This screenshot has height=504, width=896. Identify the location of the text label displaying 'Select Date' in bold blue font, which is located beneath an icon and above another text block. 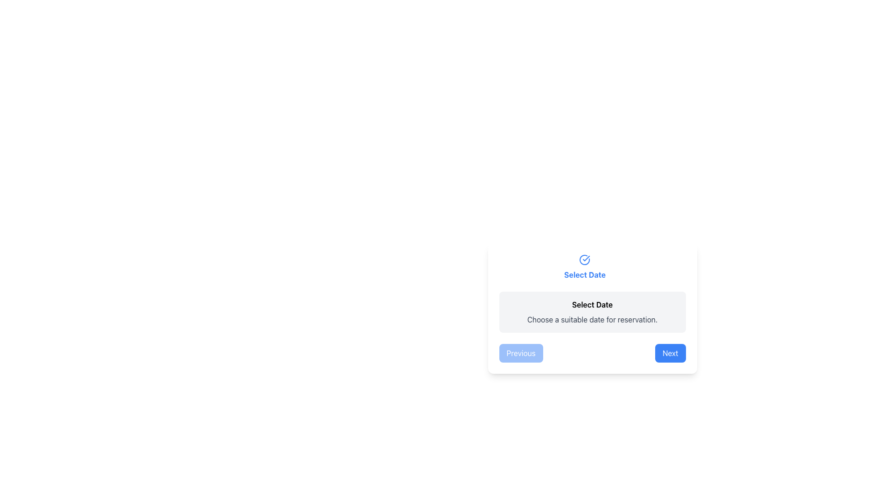
(584, 274).